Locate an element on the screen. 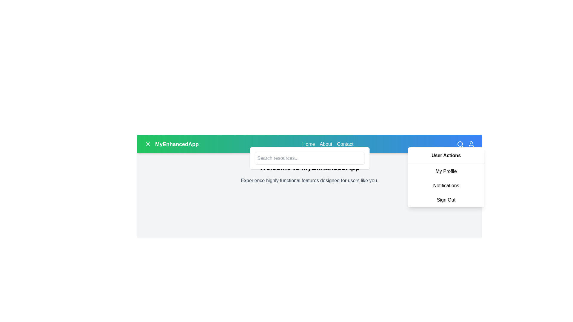 Image resolution: width=573 pixels, height=322 pixels. the static text that reads 'Experience highly functional features designed for users like you.', which is styled in a subtle gray font and centered below the header 'Welcome to MyEnhancedApp' is located at coordinates (309, 180).